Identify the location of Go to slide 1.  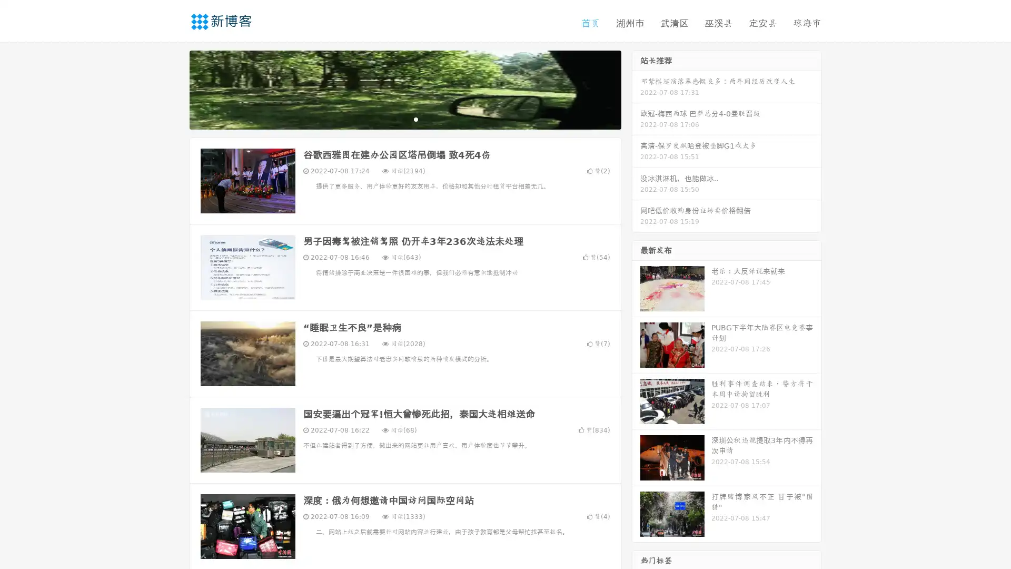
(394, 119).